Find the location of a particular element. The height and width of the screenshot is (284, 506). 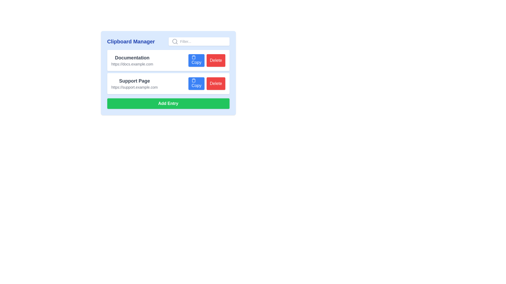

the 'Delete' button located in the upper-right corner of the button grouping, which has a red background and is positioned to the right of the 'Copy' button is located at coordinates (216, 83).